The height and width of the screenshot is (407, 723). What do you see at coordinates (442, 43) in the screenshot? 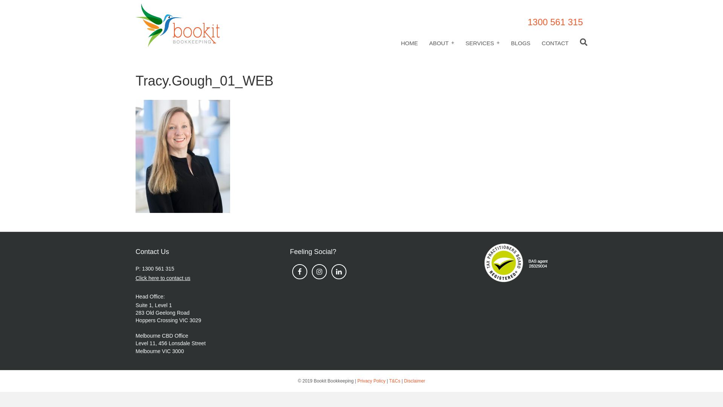
I see `'ABOUT'` at bounding box center [442, 43].